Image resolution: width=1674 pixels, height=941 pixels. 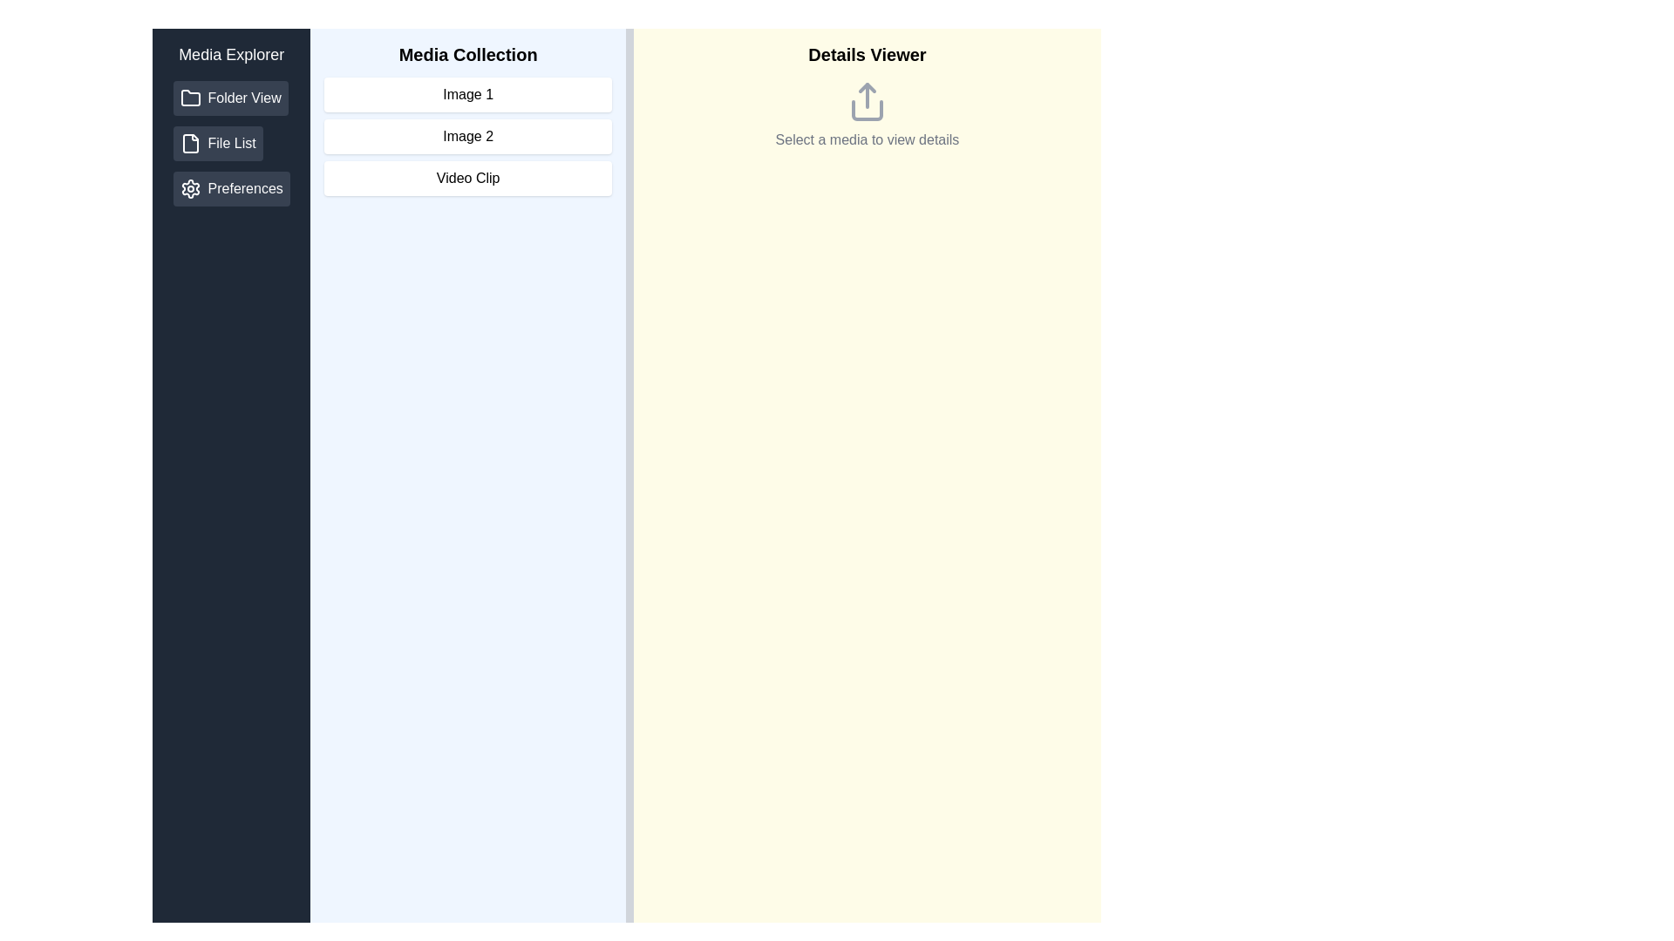 What do you see at coordinates (867, 139) in the screenshot?
I see `the static text label in the 'Details Viewer' section, located below the upward arrow icon, to guide users in selecting a media item` at bounding box center [867, 139].